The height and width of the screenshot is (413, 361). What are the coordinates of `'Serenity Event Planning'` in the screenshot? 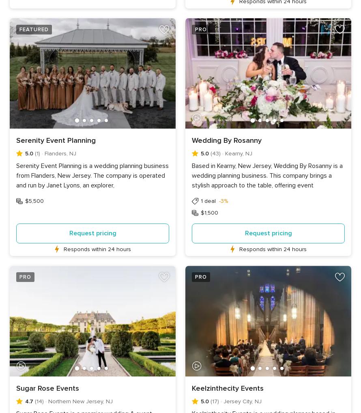 It's located at (56, 140).